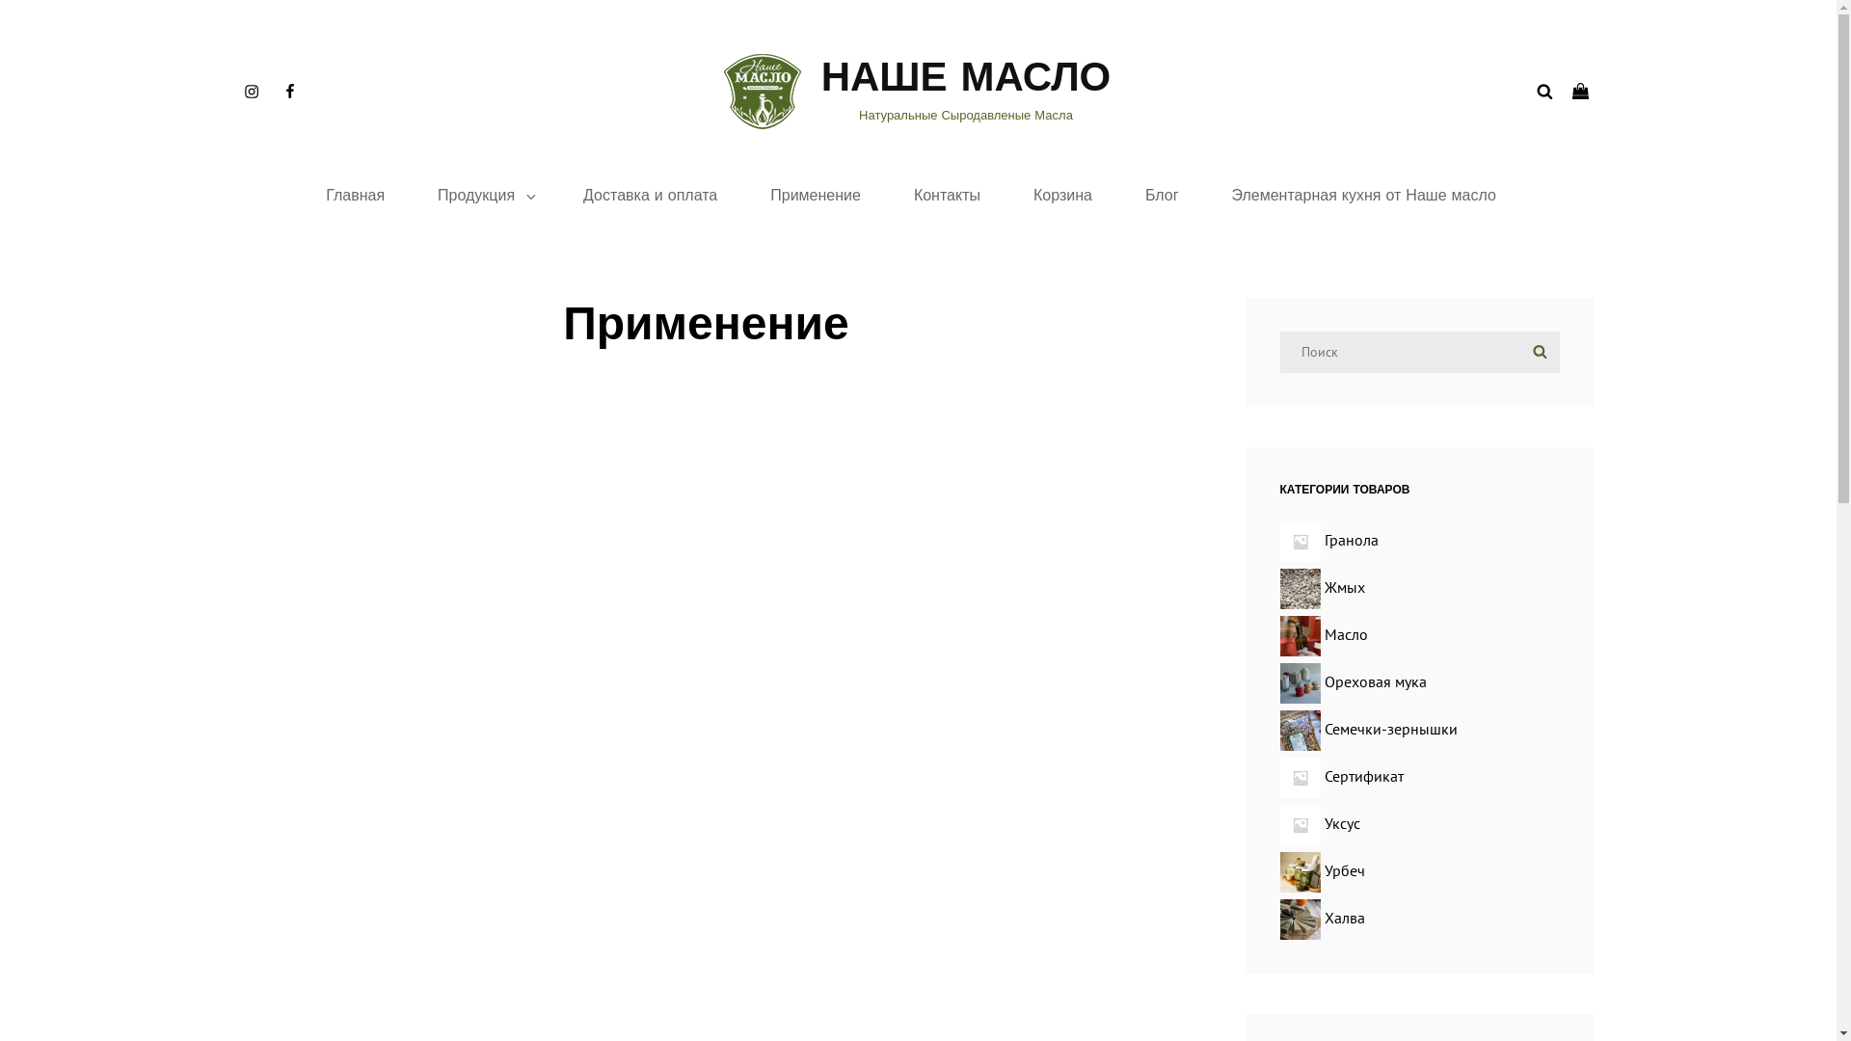 The height and width of the screenshot is (1041, 1851). I want to click on 'Instagram', so click(249, 92).